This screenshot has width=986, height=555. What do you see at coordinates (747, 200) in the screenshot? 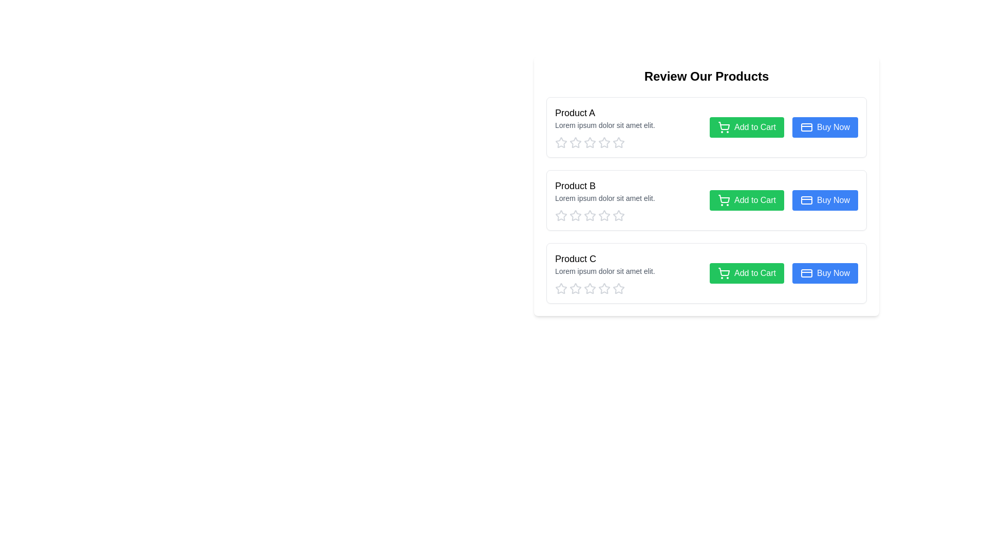
I see `the interactive button to add 'Product B' to the shopping cart, which is located below its title and description` at bounding box center [747, 200].